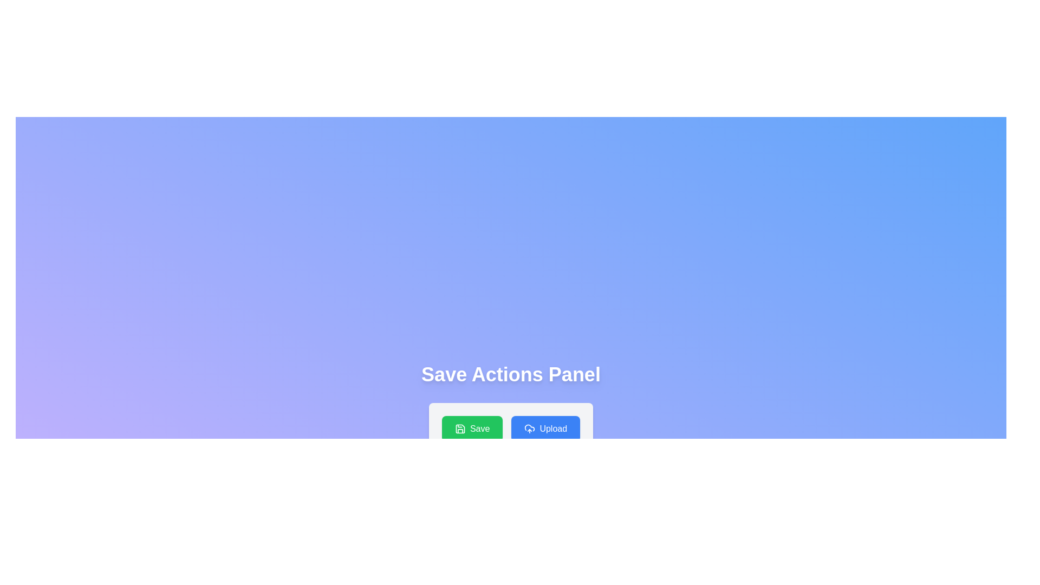 This screenshot has width=1040, height=585. What do you see at coordinates (530, 428) in the screenshot?
I see `the upload icon, which is part of the 'Upload' button located on the right side of the 'Save' button` at bounding box center [530, 428].